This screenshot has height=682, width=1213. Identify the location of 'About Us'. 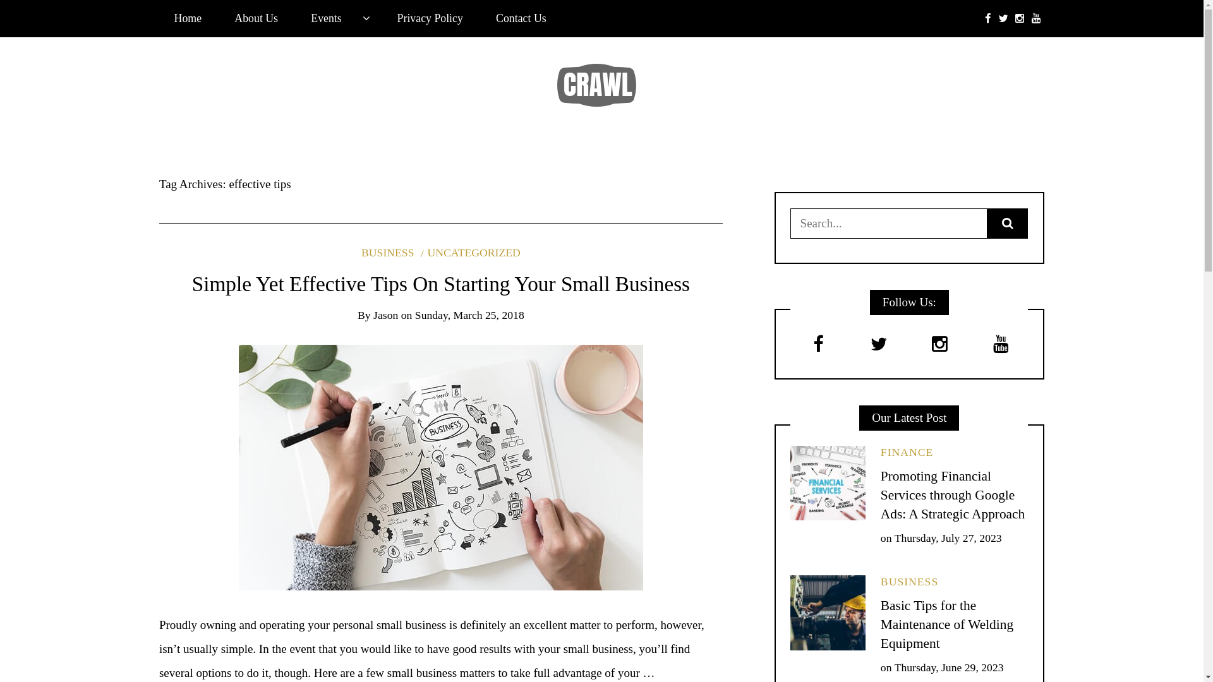
(256, 18).